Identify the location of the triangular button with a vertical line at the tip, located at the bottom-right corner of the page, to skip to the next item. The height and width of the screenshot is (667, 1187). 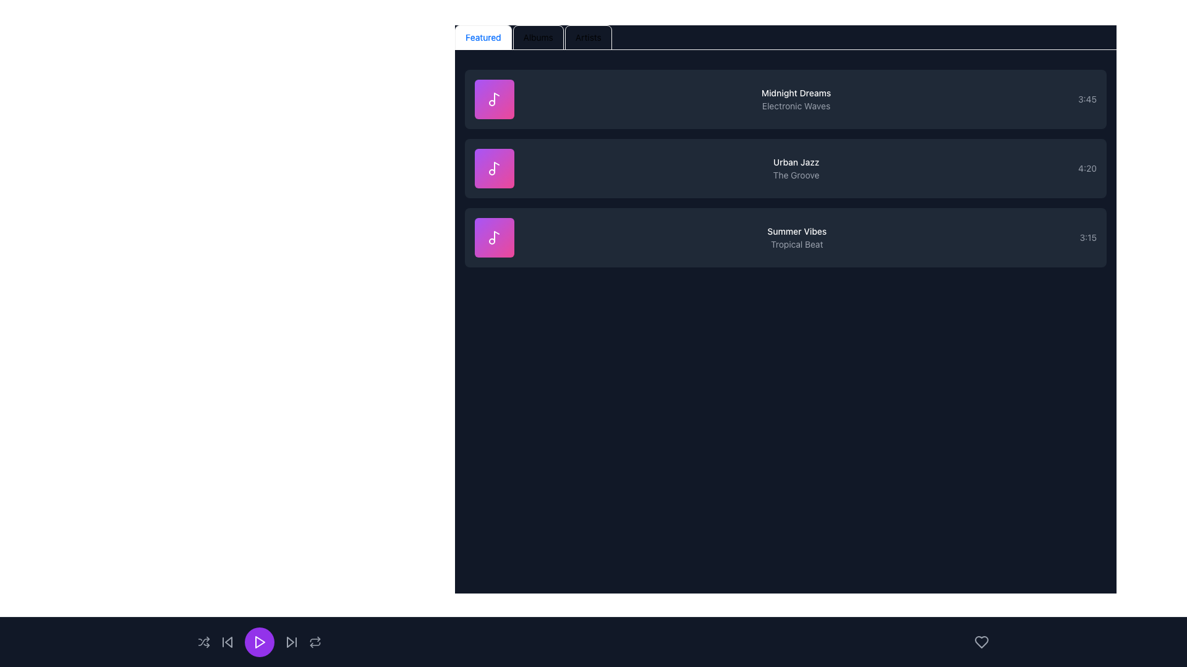
(291, 642).